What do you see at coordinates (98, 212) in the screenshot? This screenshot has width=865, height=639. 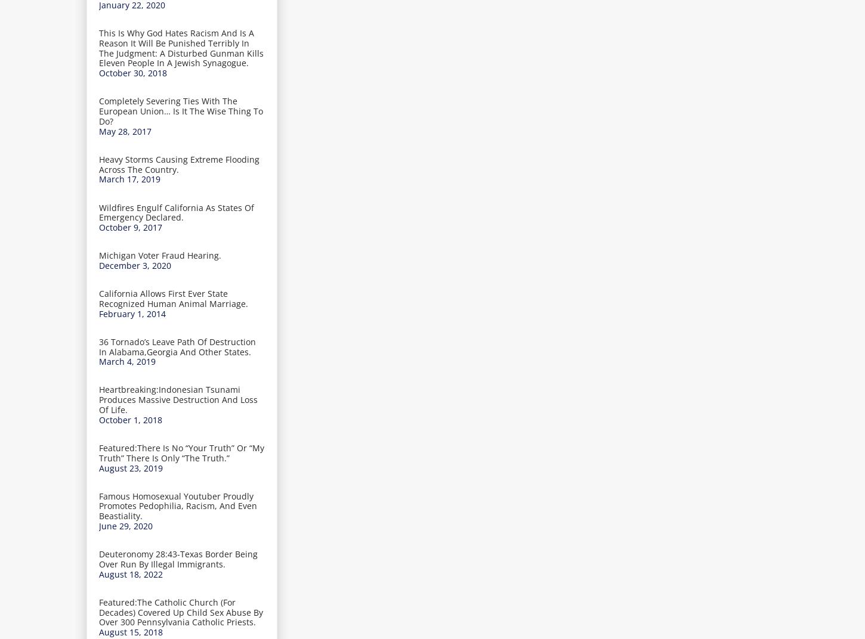 I see `'Wildfires Engulf California As States Of Emergency Declared.'` at bounding box center [98, 212].